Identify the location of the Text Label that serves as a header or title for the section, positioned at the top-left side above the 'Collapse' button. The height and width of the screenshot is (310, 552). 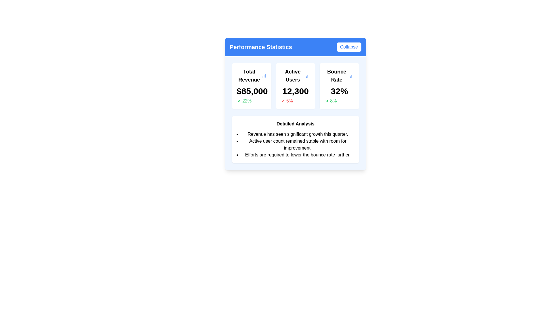
(260, 47).